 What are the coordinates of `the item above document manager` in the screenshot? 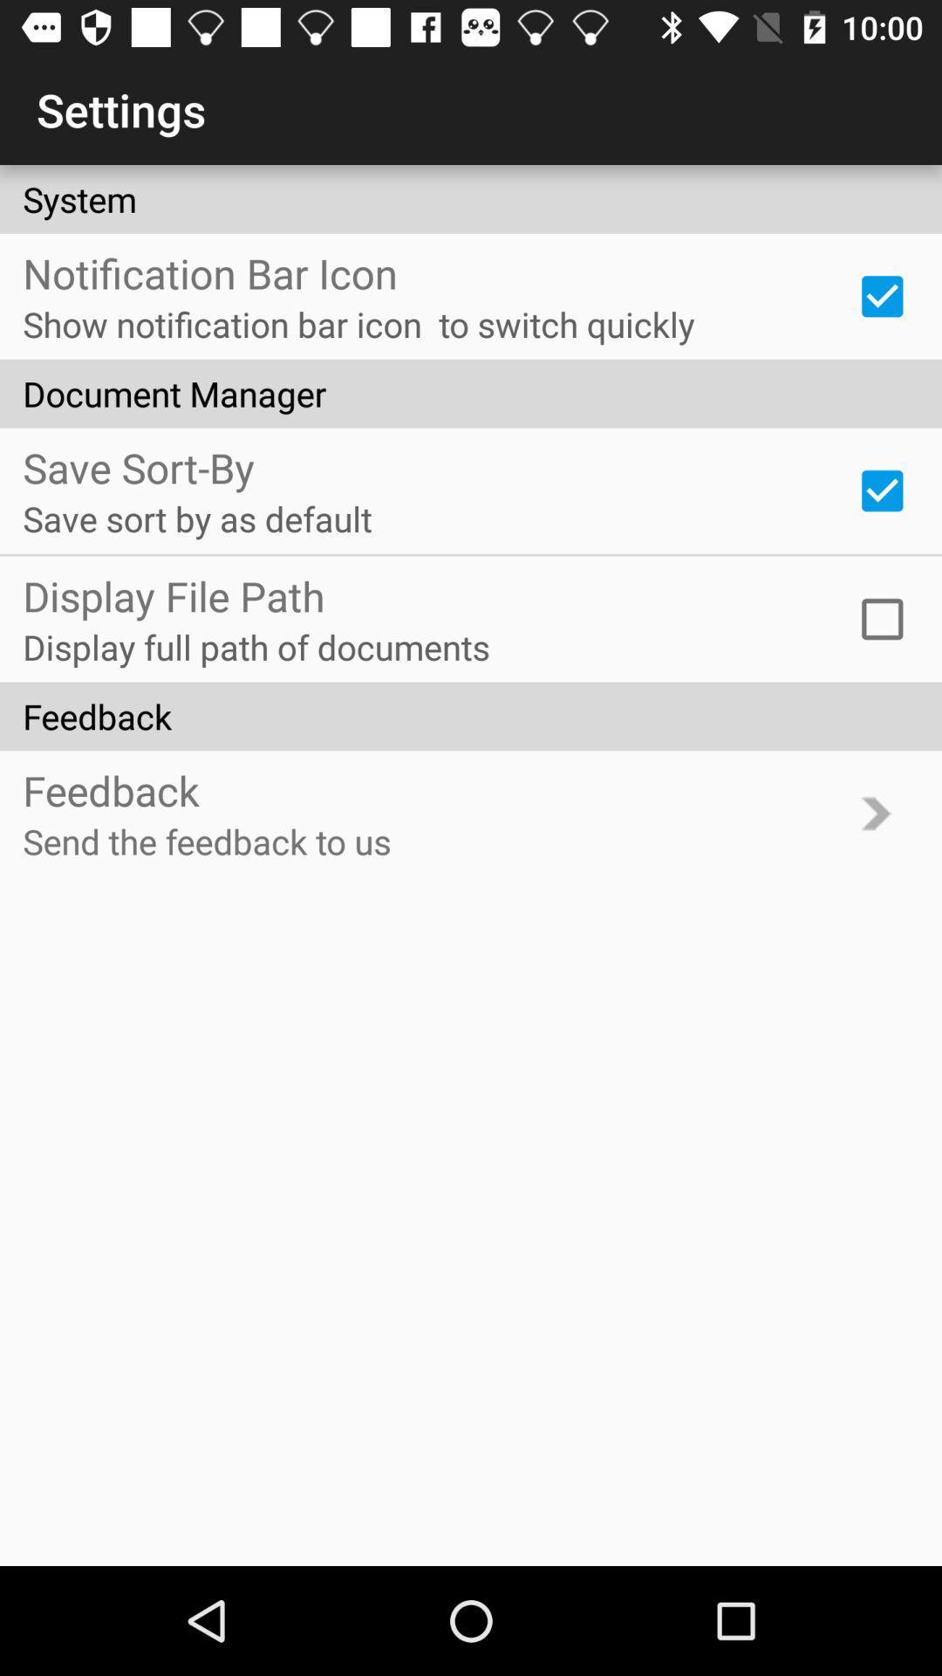 It's located at (882, 296).